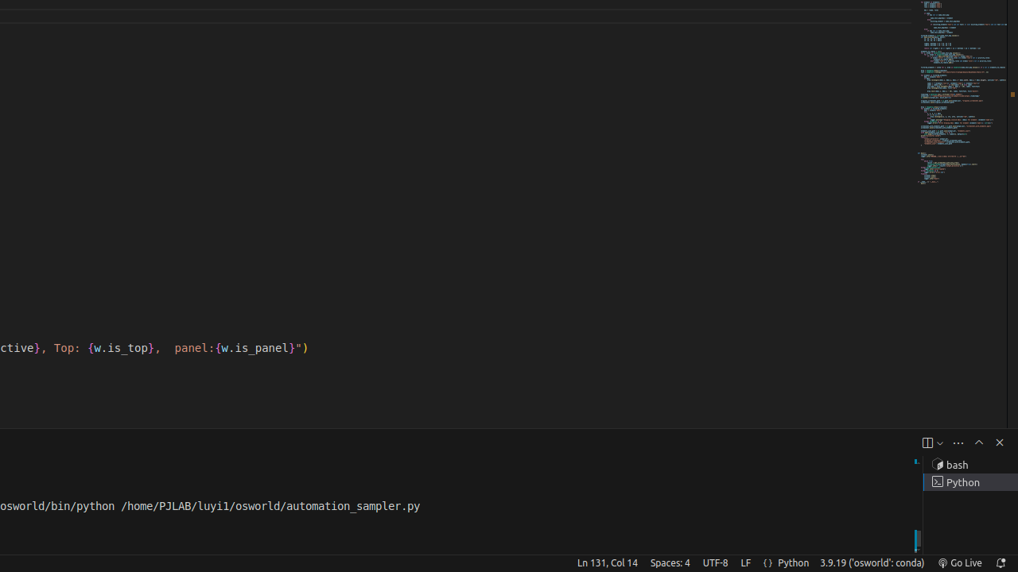  I want to click on 'Launch Profile...', so click(939, 443).